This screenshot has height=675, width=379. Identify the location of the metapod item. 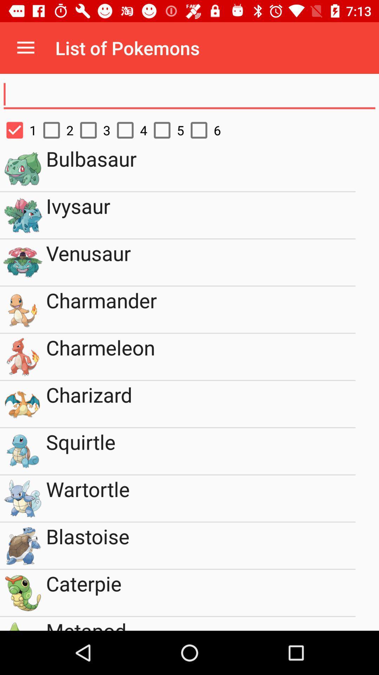
(201, 624).